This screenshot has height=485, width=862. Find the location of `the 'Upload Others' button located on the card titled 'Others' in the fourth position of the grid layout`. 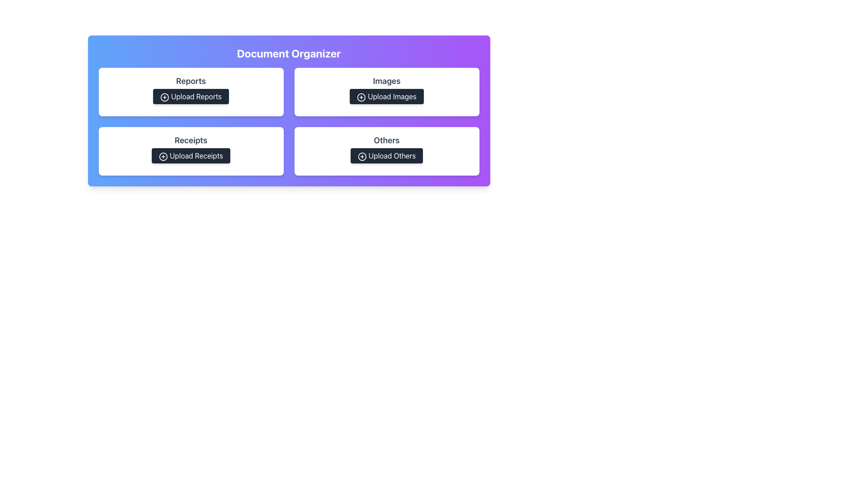

the 'Upload Others' button located on the card titled 'Others' in the fourth position of the grid layout is located at coordinates (387, 150).